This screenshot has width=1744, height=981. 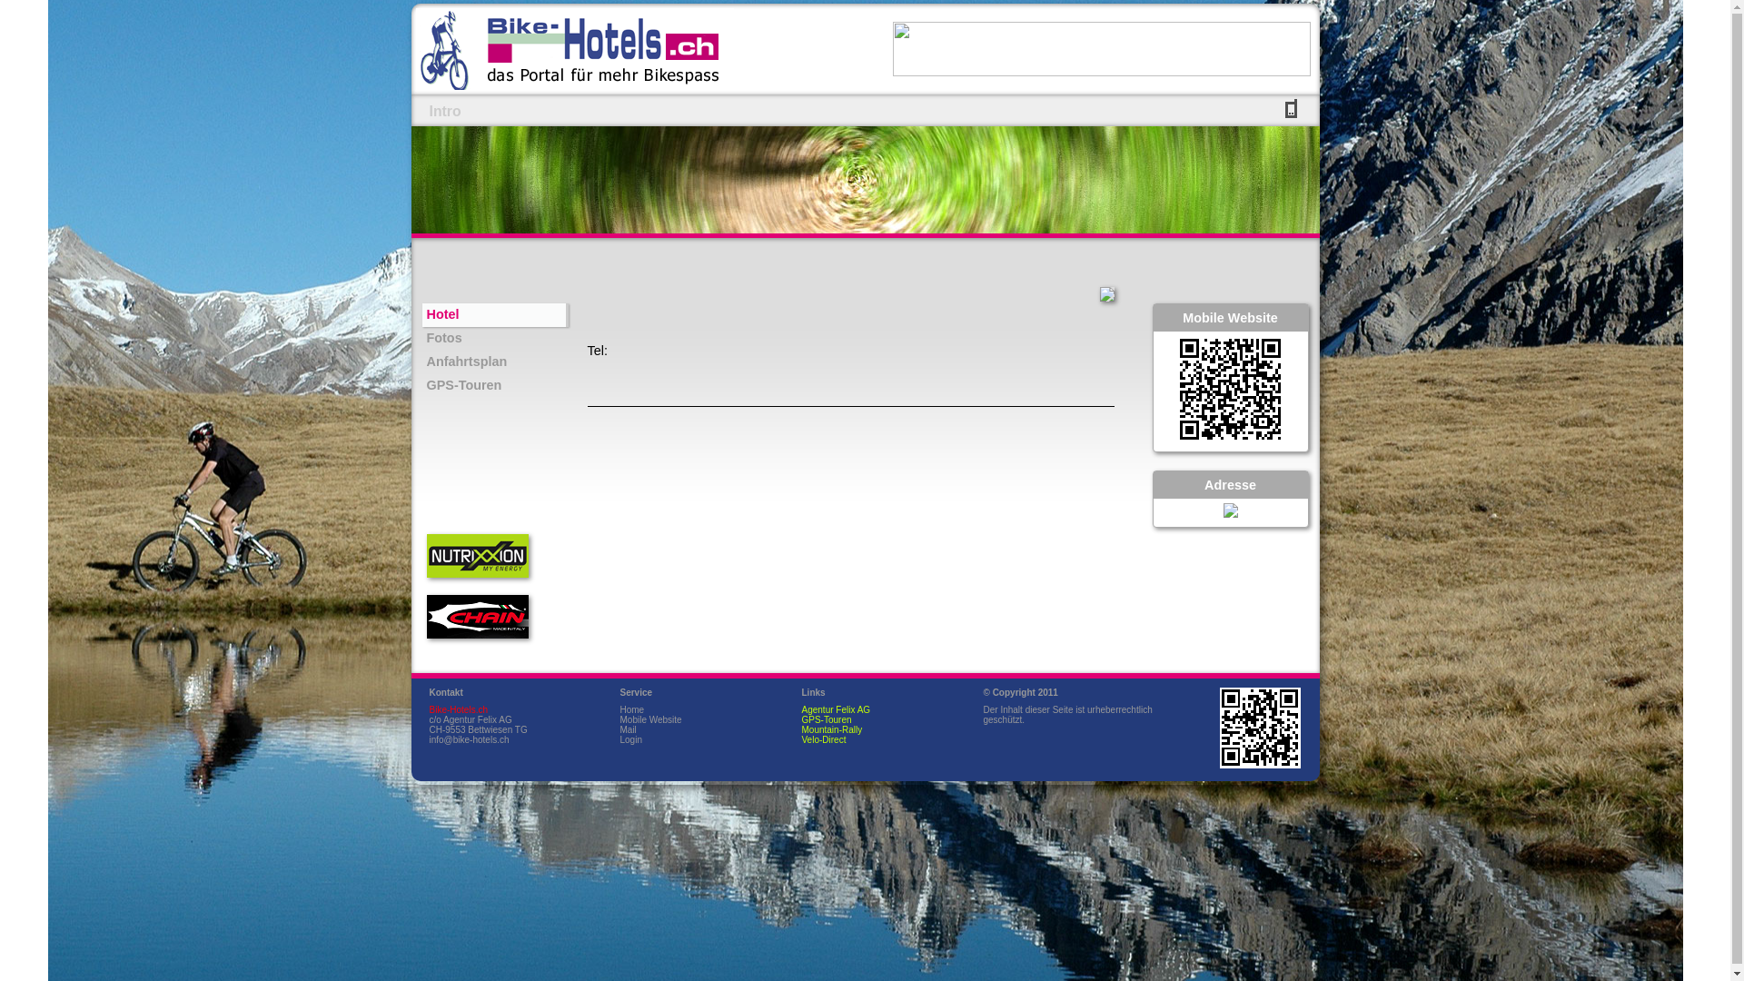 I want to click on 'Agentur Felix AG', so click(x=835, y=708).